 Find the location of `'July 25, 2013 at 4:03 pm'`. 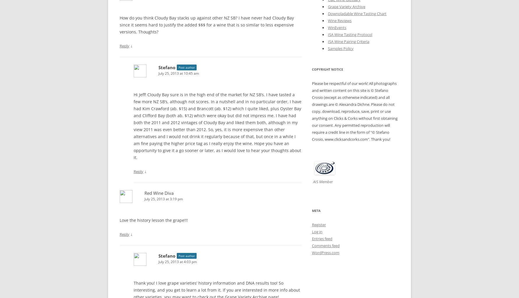

'July 25, 2013 at 4:03 pm' is located at coordinates (177, 261).